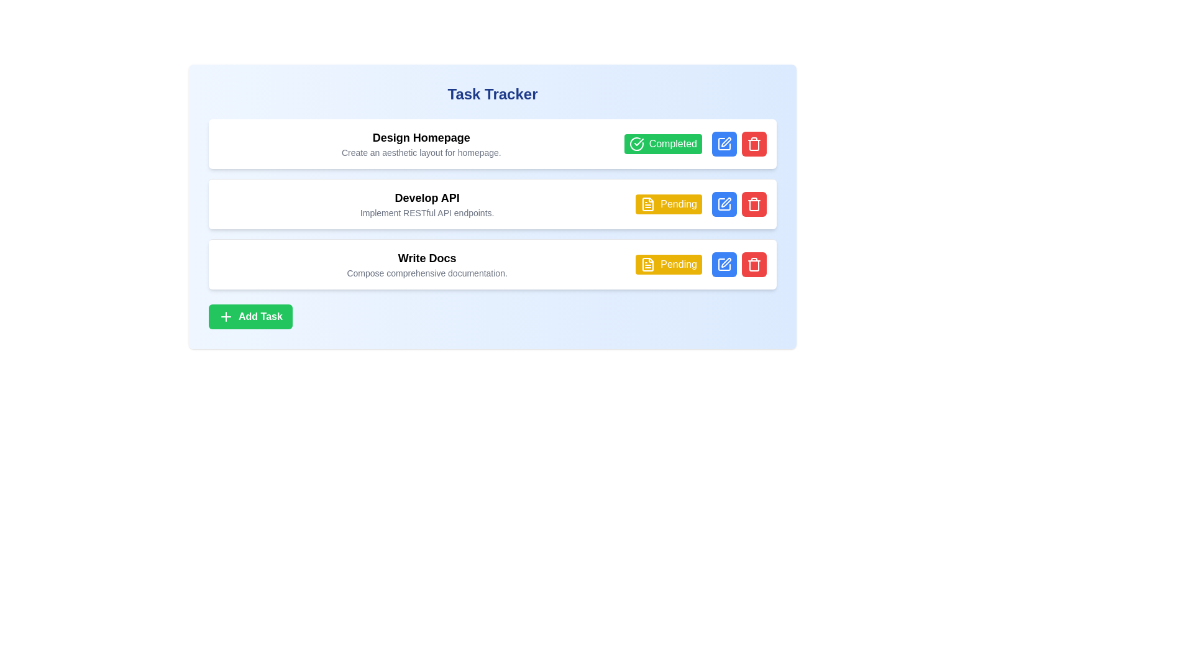 Image resolution: width=1193 pixels, height=671 pixels. What do you see at coordinates (724, 263) in the screenshot?
I see `the 'edit task' button located in the right corner of the last task (Write Docs) row in the task tracker interface, which is above the red trash can icon and next to the yellow document button` at bounding box center [724, 263].